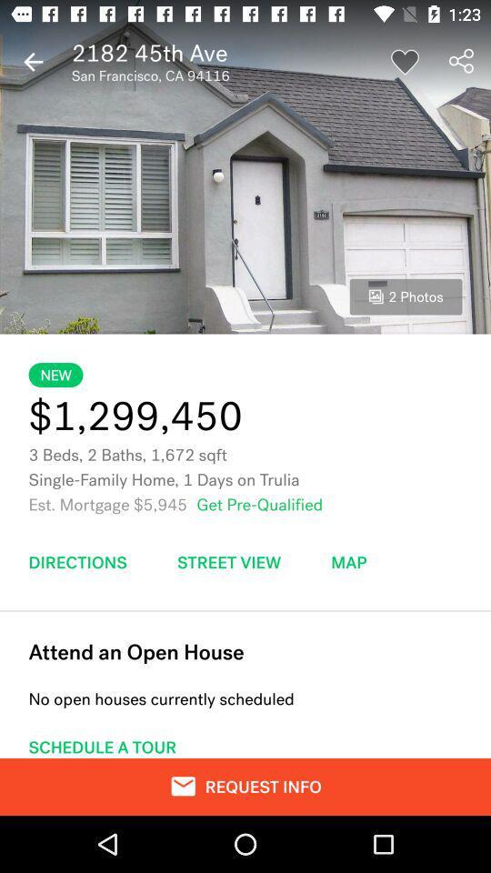  I want to click on street view, so click(229, 561).